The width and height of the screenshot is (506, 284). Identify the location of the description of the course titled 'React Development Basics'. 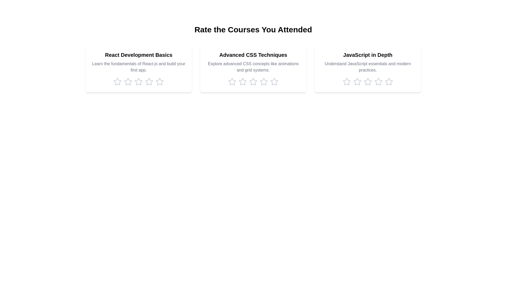
(139, 67).